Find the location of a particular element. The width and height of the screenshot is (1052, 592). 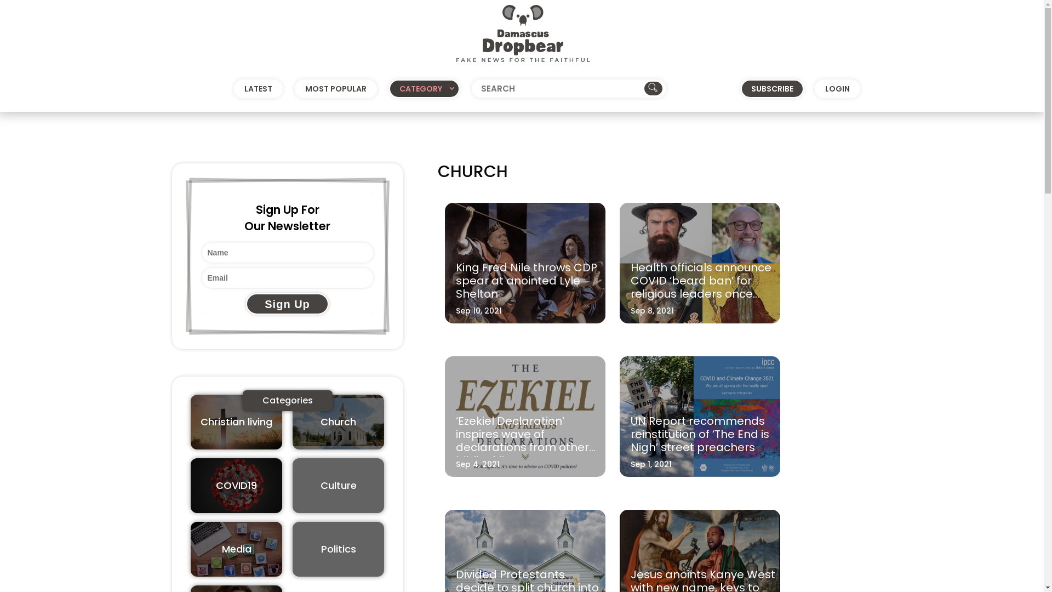

'SUBSCRIBE' is located at coordinates (771, 88).